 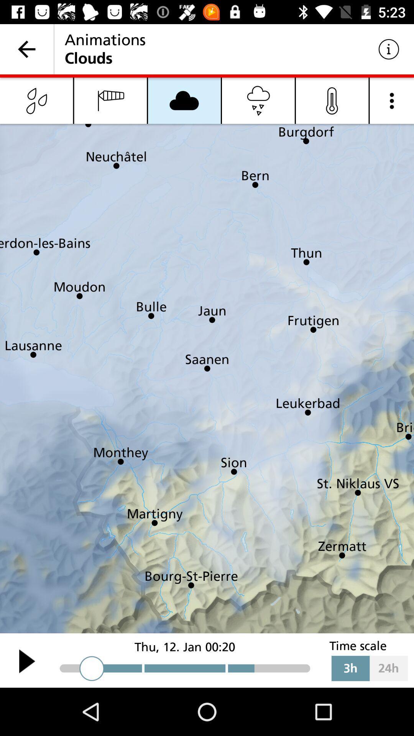 I want to click on more info, so click(x=392, y=100).